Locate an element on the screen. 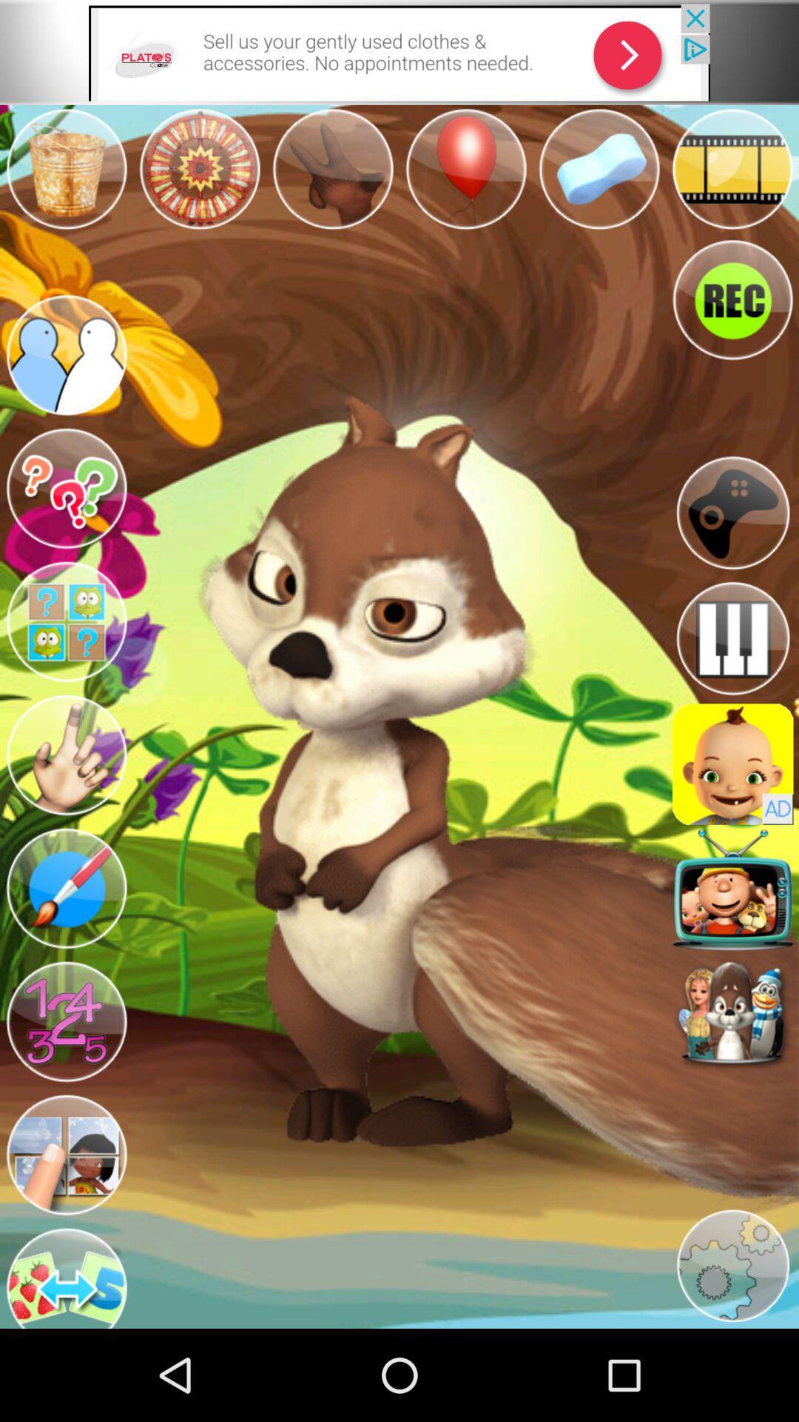 This screenshot has width=799, height=1422. open music widget is located at coordinates (732, 638).